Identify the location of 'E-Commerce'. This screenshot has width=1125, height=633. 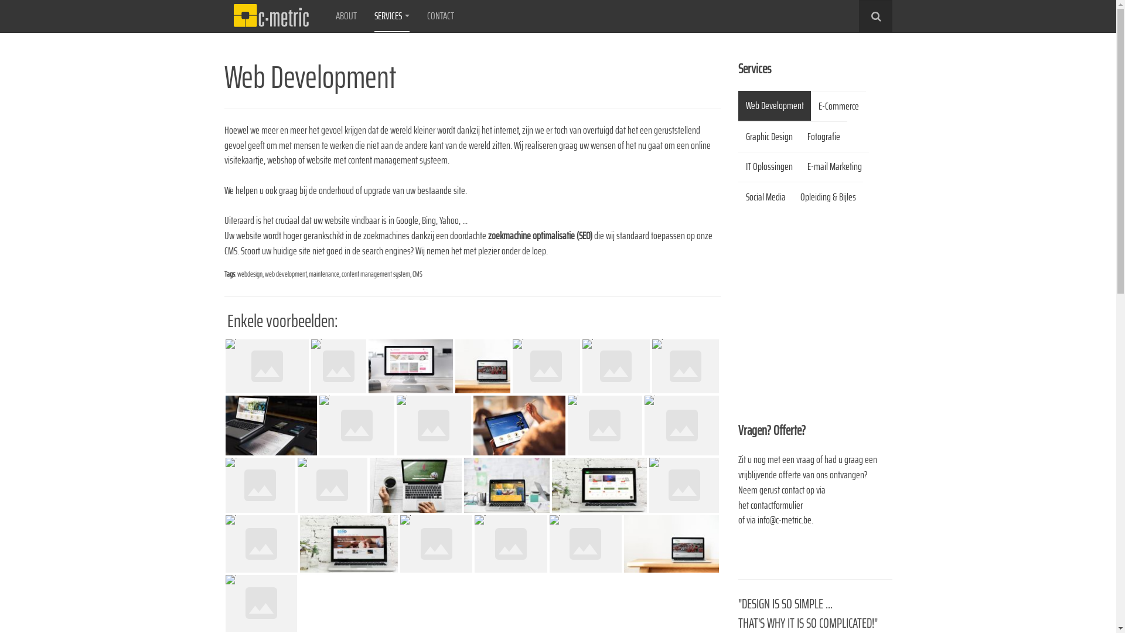
(837, 106).